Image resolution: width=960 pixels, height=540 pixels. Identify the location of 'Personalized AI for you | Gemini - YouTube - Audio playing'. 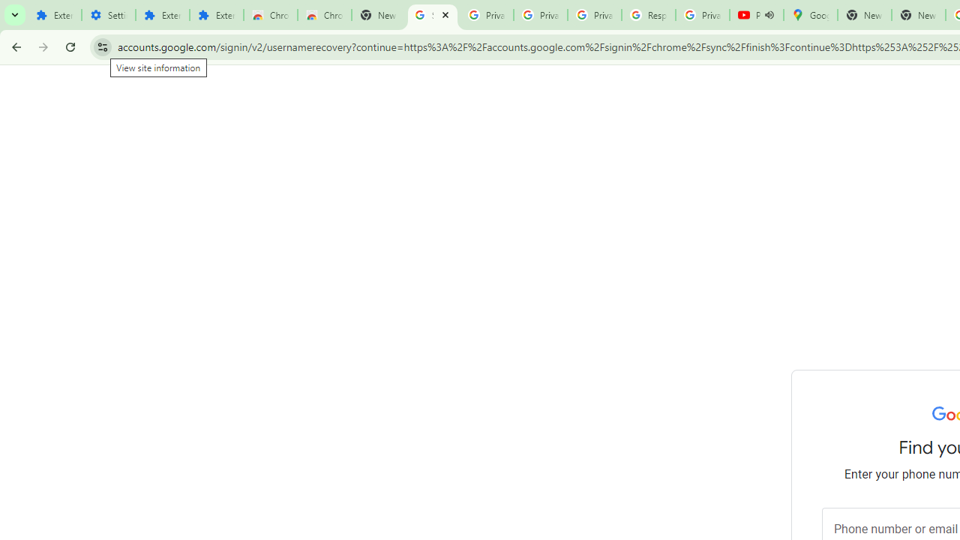
(756, 15).